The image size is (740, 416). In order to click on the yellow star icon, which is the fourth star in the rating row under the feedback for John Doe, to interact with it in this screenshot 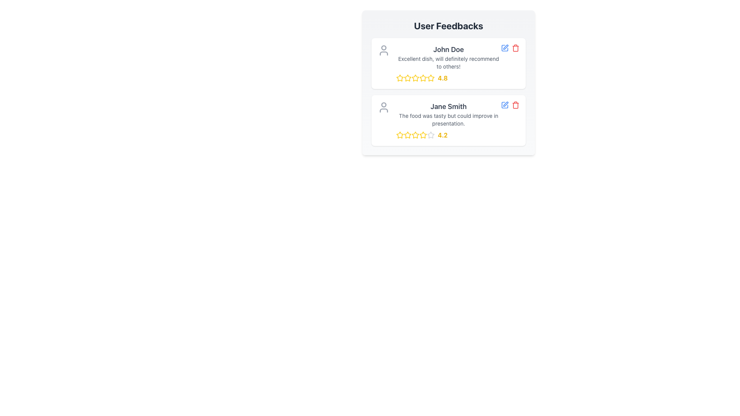, I will do `click(430, 77)`.